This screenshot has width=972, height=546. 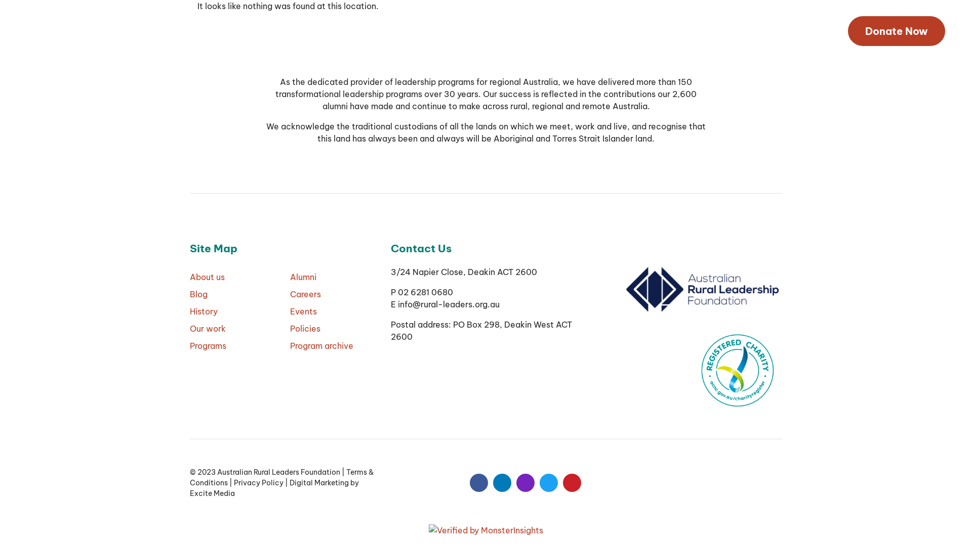 What do you see at coordinates (258, 482) in the screenshot?
I see `'Privacy Policy'` at bounding box center [258, 482].